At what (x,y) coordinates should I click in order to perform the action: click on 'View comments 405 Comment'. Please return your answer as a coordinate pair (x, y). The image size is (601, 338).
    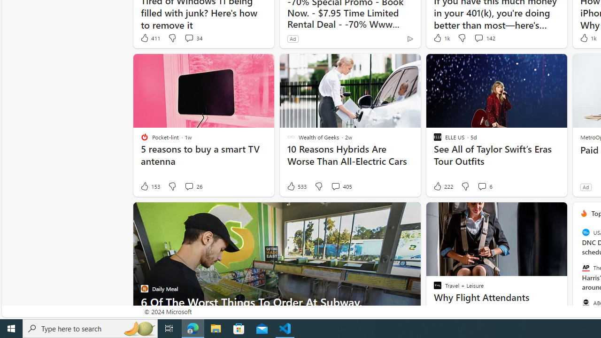
    Looking at the image, I should click on (335, 186).